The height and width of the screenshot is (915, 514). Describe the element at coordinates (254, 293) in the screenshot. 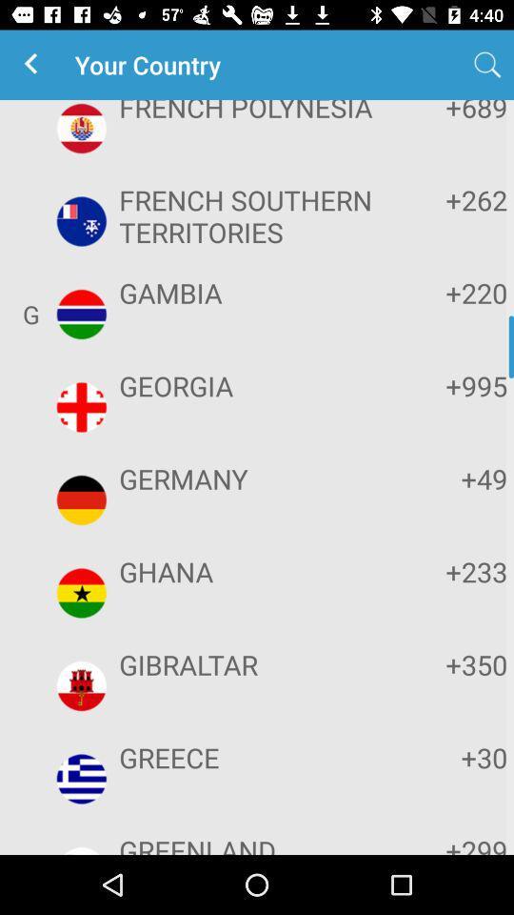

I see `the item above georgia app` at that location.